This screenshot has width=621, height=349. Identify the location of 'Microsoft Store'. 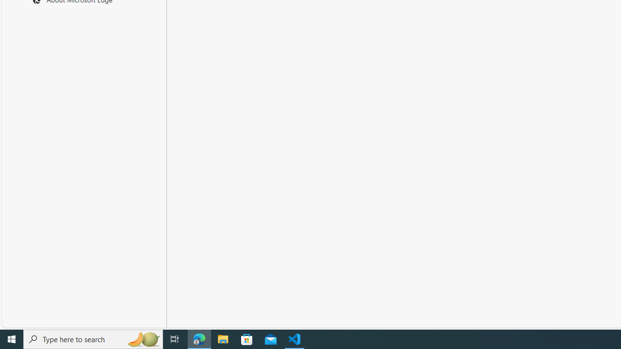
(247, 338).